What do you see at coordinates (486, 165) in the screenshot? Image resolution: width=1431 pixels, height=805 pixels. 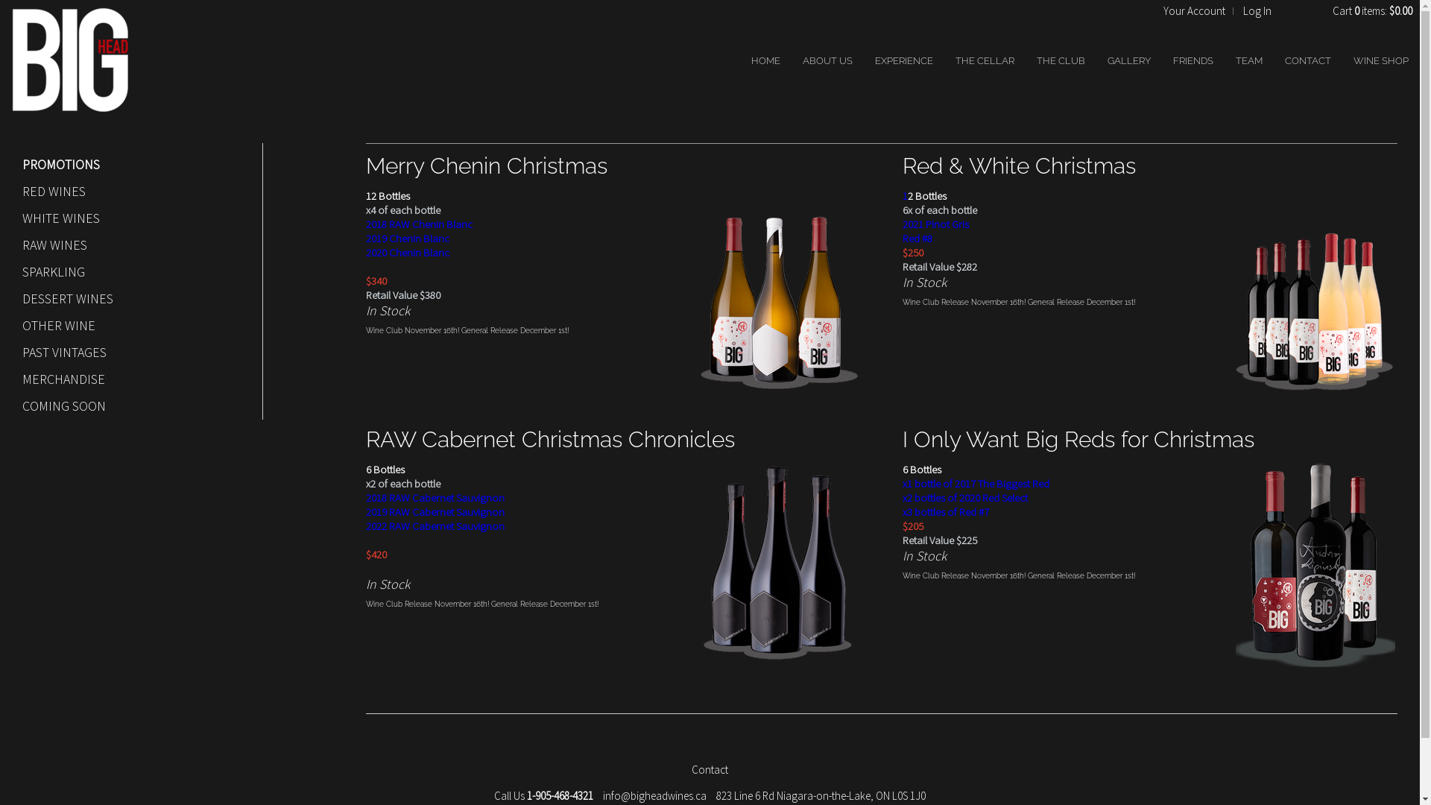 I see `'Merry Chenin Christmas'` at bounding box center [486, 165].